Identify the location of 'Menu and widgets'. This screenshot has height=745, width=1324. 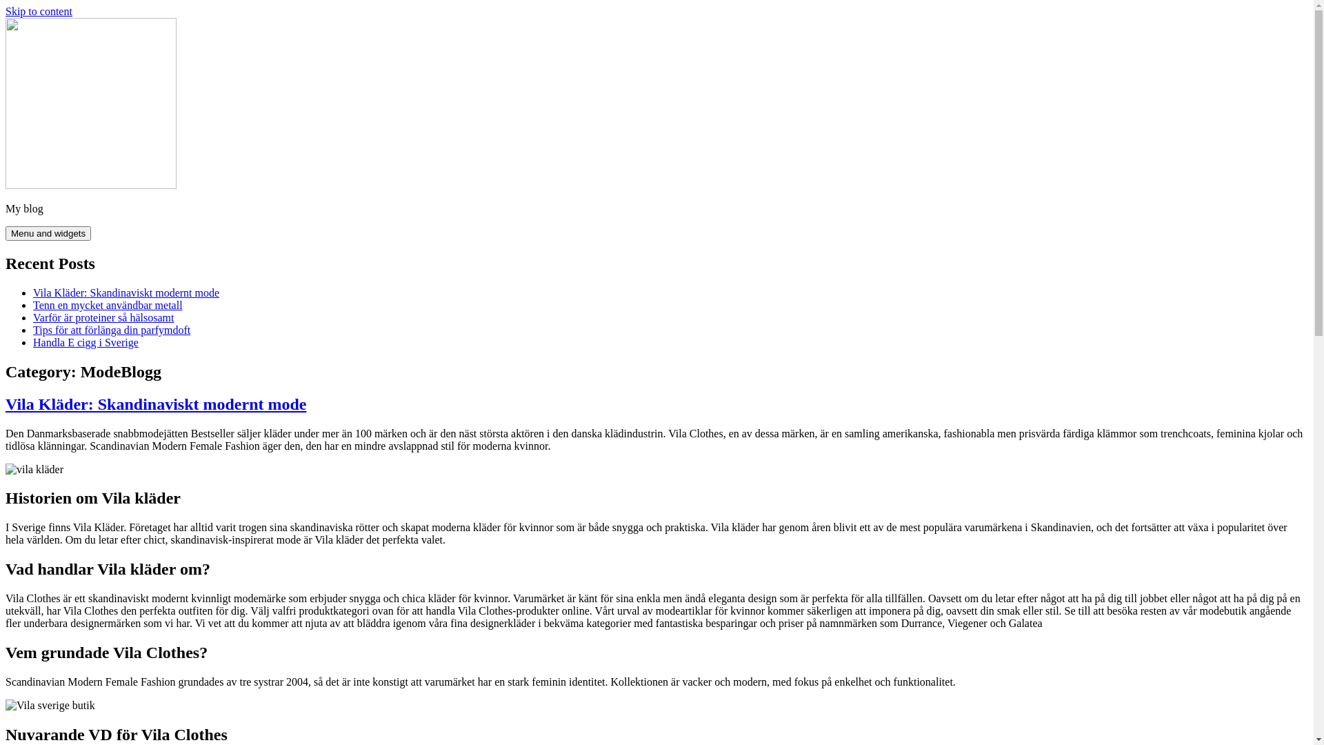
(48, 232).